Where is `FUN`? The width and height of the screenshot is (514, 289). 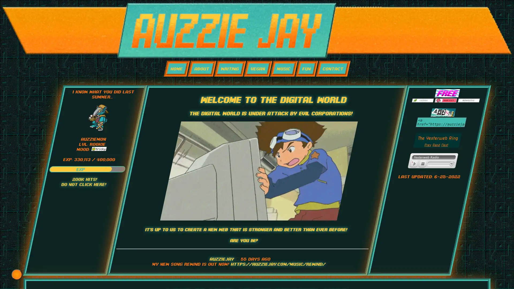
FUN is located at coordinates (307, 68).